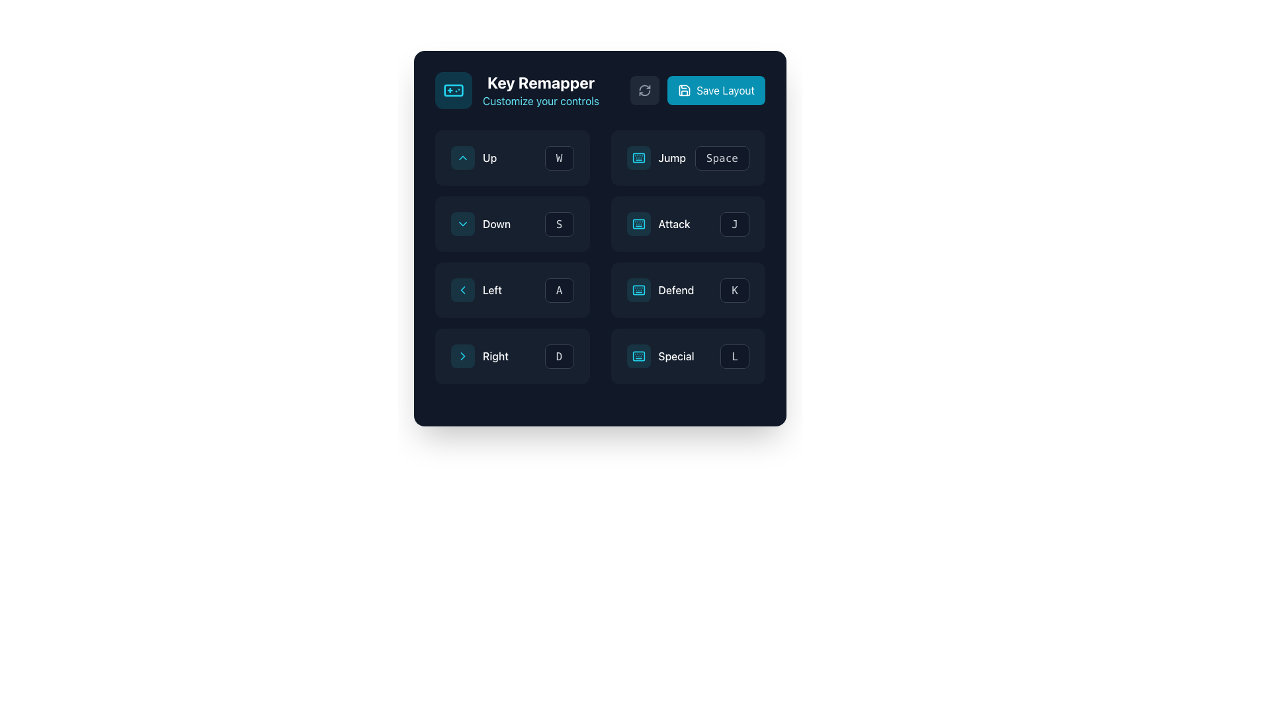  What do you see at coordinates (638, 290) in the screenshot?
I see `the 'Defend' keybinding icon, which is a rectangular component with rounded corners located in the middle-right area of the grid layout` at bounding box center [638, 290].